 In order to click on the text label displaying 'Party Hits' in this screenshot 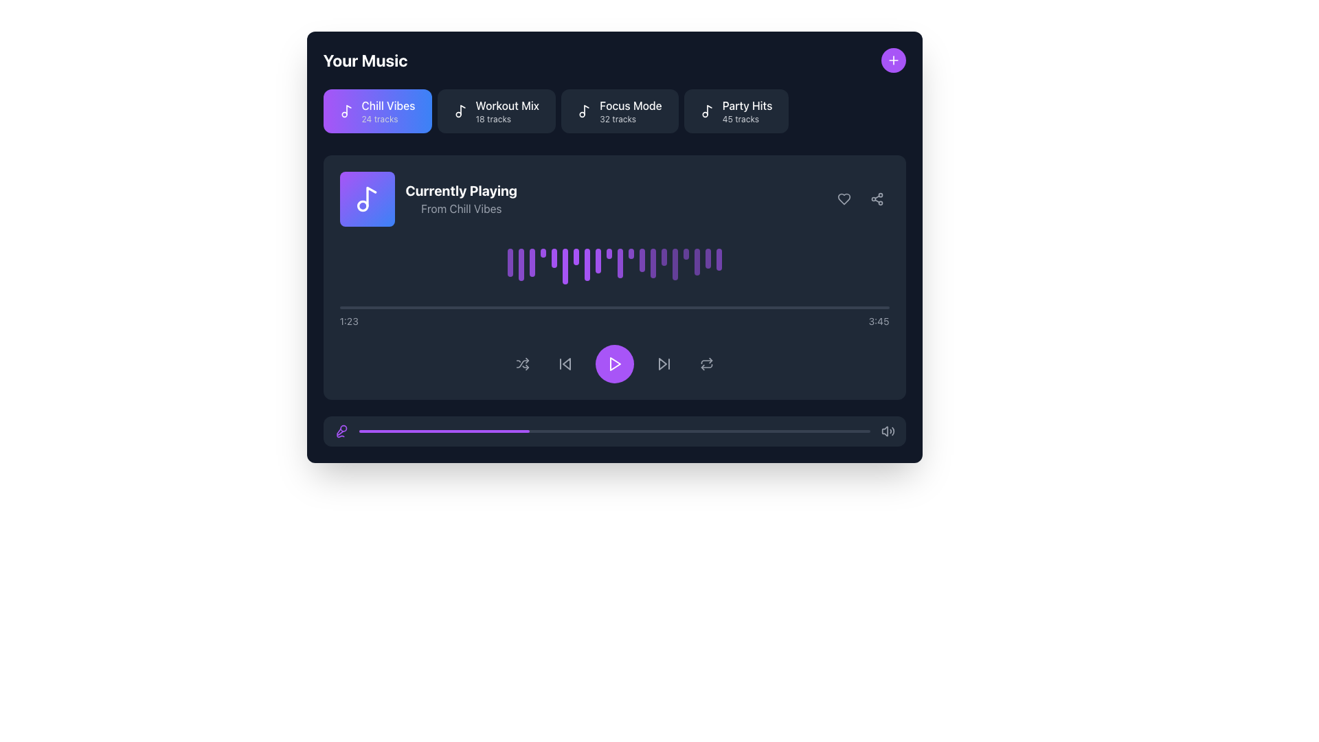, I will do `click(747, 105)`.